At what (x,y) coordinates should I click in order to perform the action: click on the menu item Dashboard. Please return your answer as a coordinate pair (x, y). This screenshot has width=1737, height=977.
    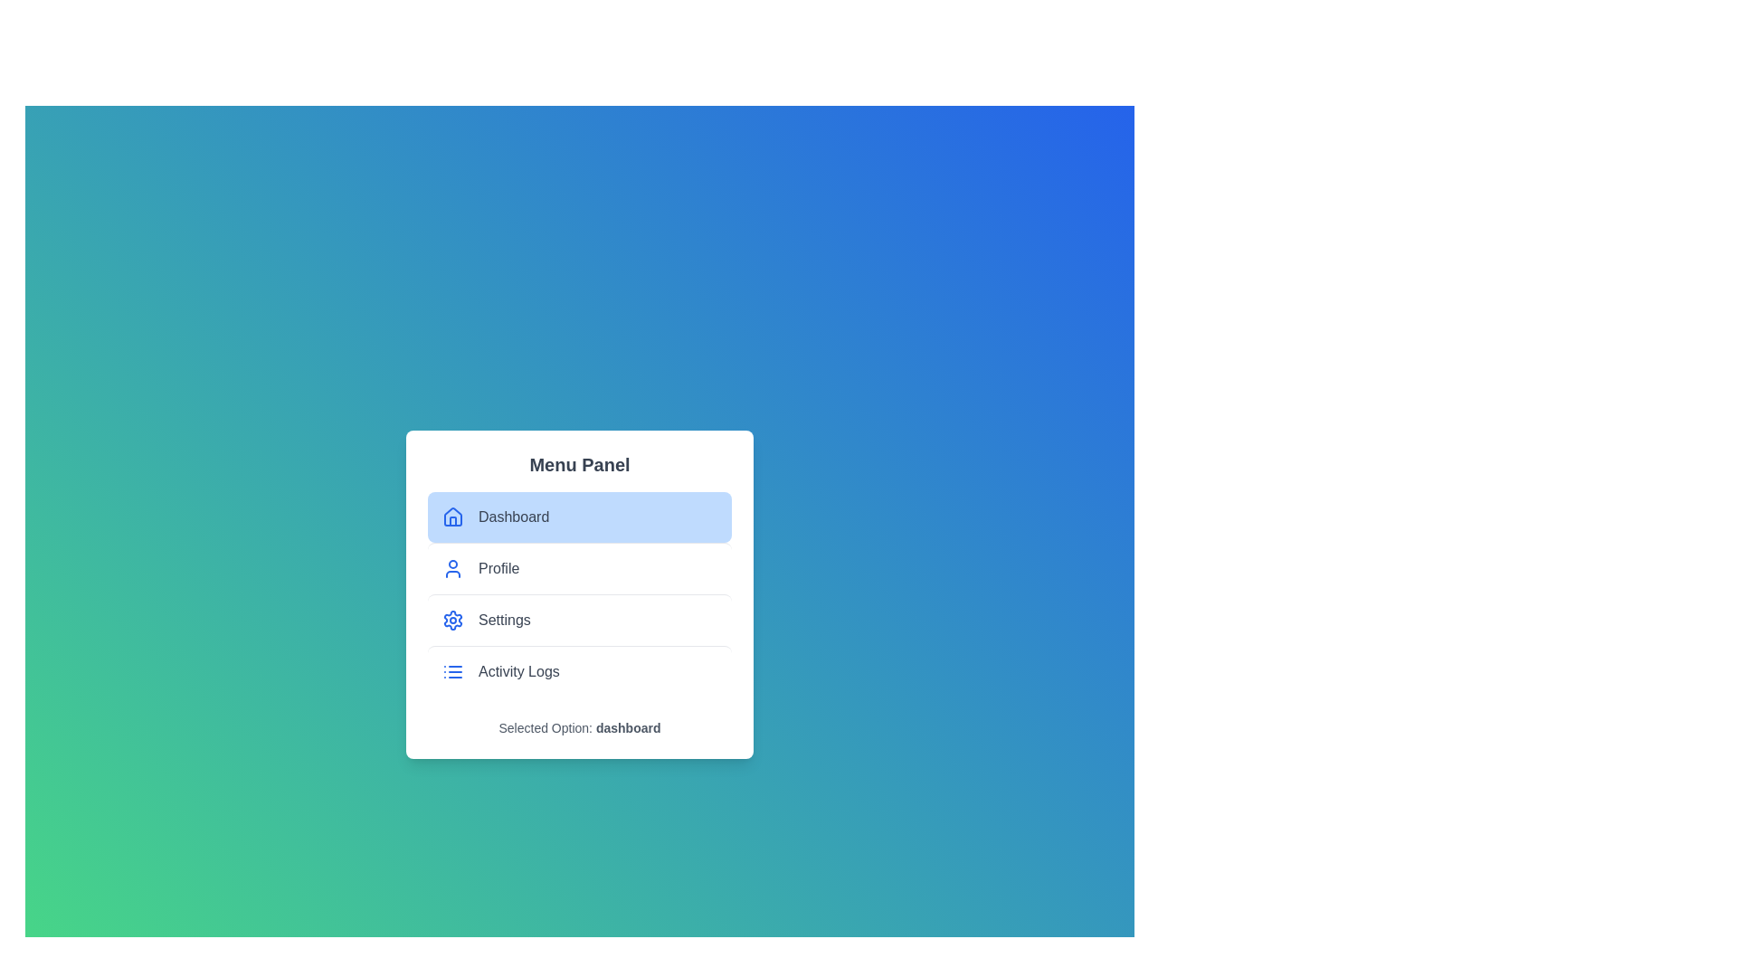
    Looking at the image, I should click on (580, 517).